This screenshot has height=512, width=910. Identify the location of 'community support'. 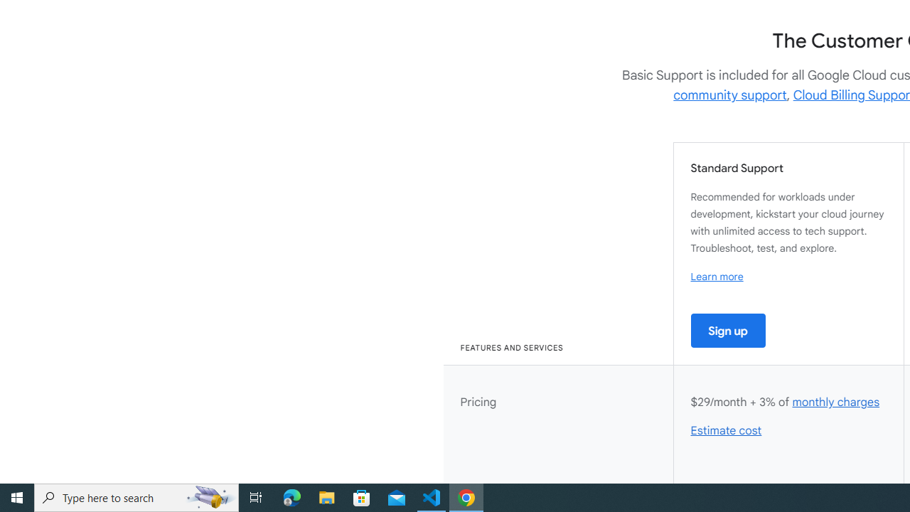
(730, 95).